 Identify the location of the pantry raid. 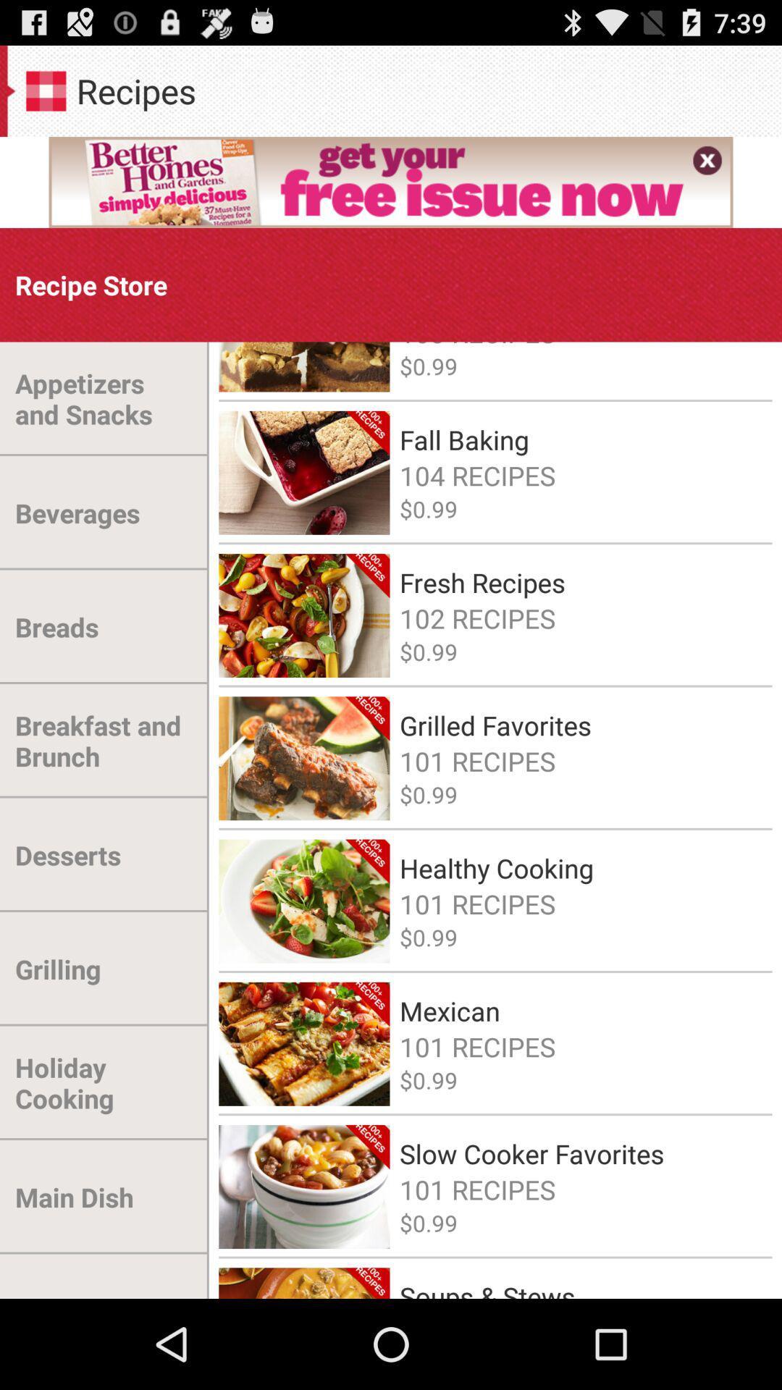
(84, 1276).